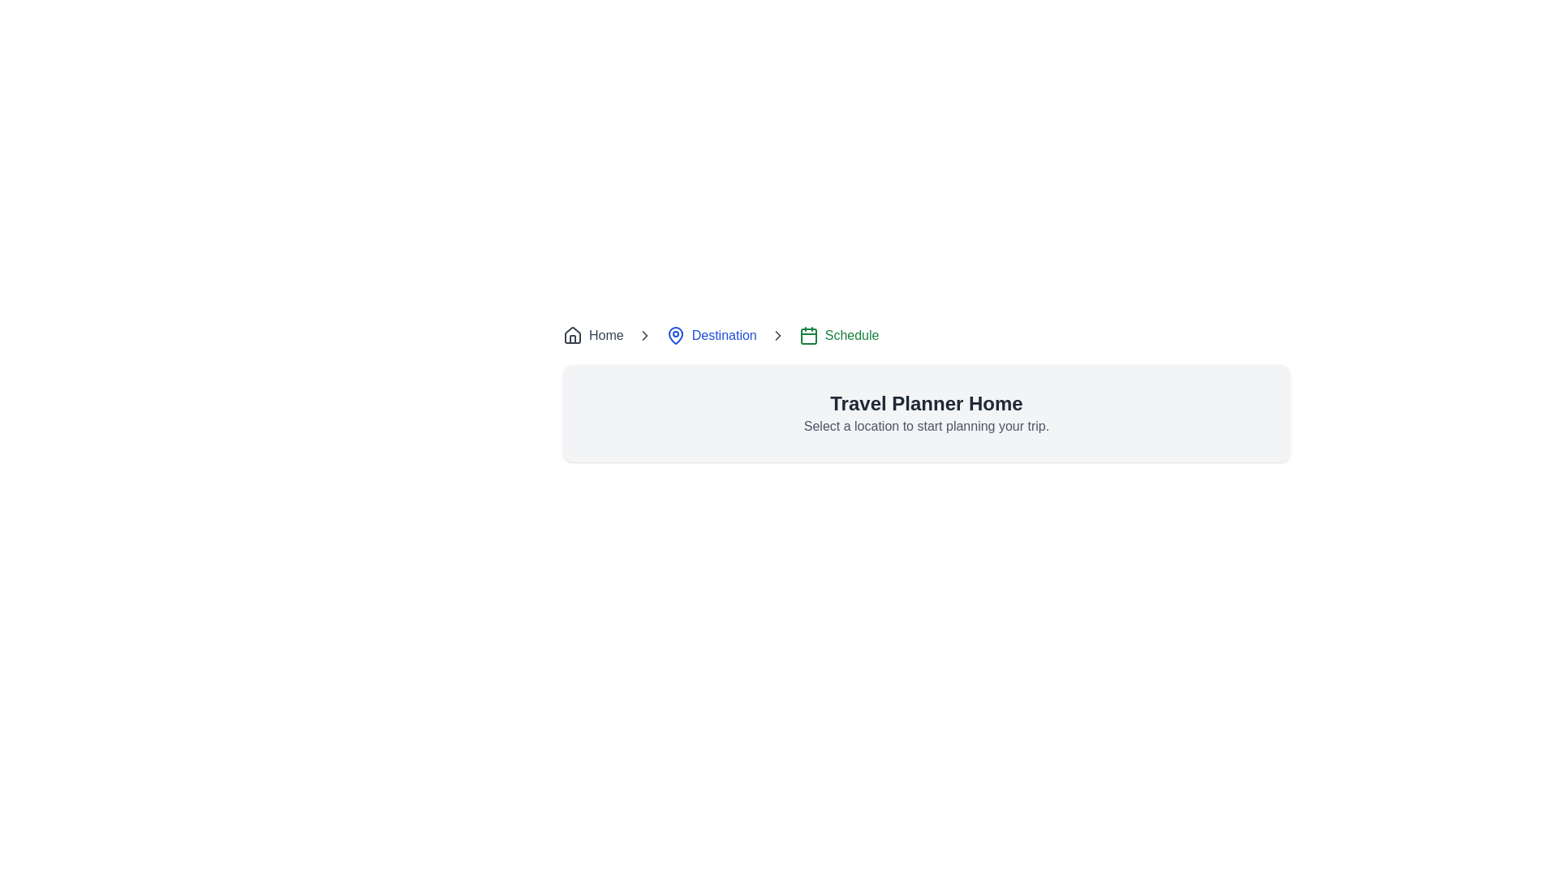 The width and height of the screenshot is (1558, 876). What do you see at coordinates (927, 402) in the screenshot?
I see `the 'Travel Planner Home' header, which is styled prominently with a bold and large font, and is located beneath a breadcrumb navigation bar` at bounding box center [927, 402].